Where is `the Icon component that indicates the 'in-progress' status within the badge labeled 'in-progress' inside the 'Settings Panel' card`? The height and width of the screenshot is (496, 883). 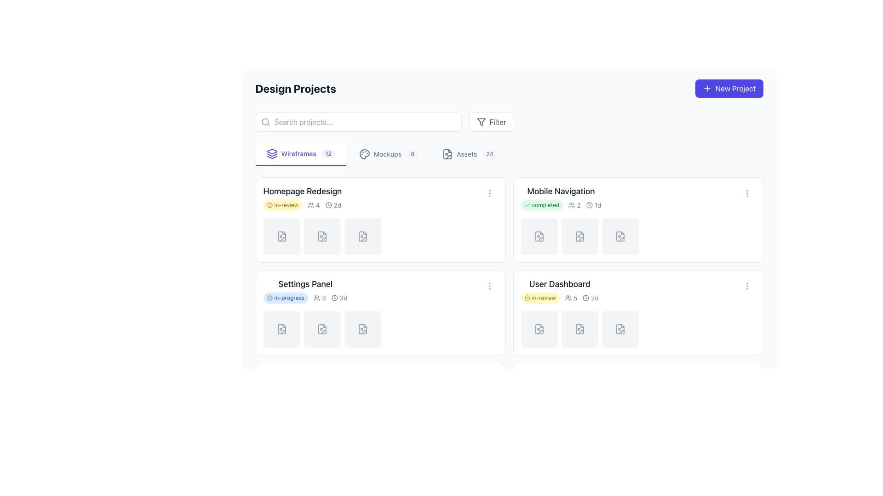 the Icon component that indicates the 'in-progress' status within the badge labeled 'in-progress' inside the 'Settings Panel' card is located at coordinates (269, 298).